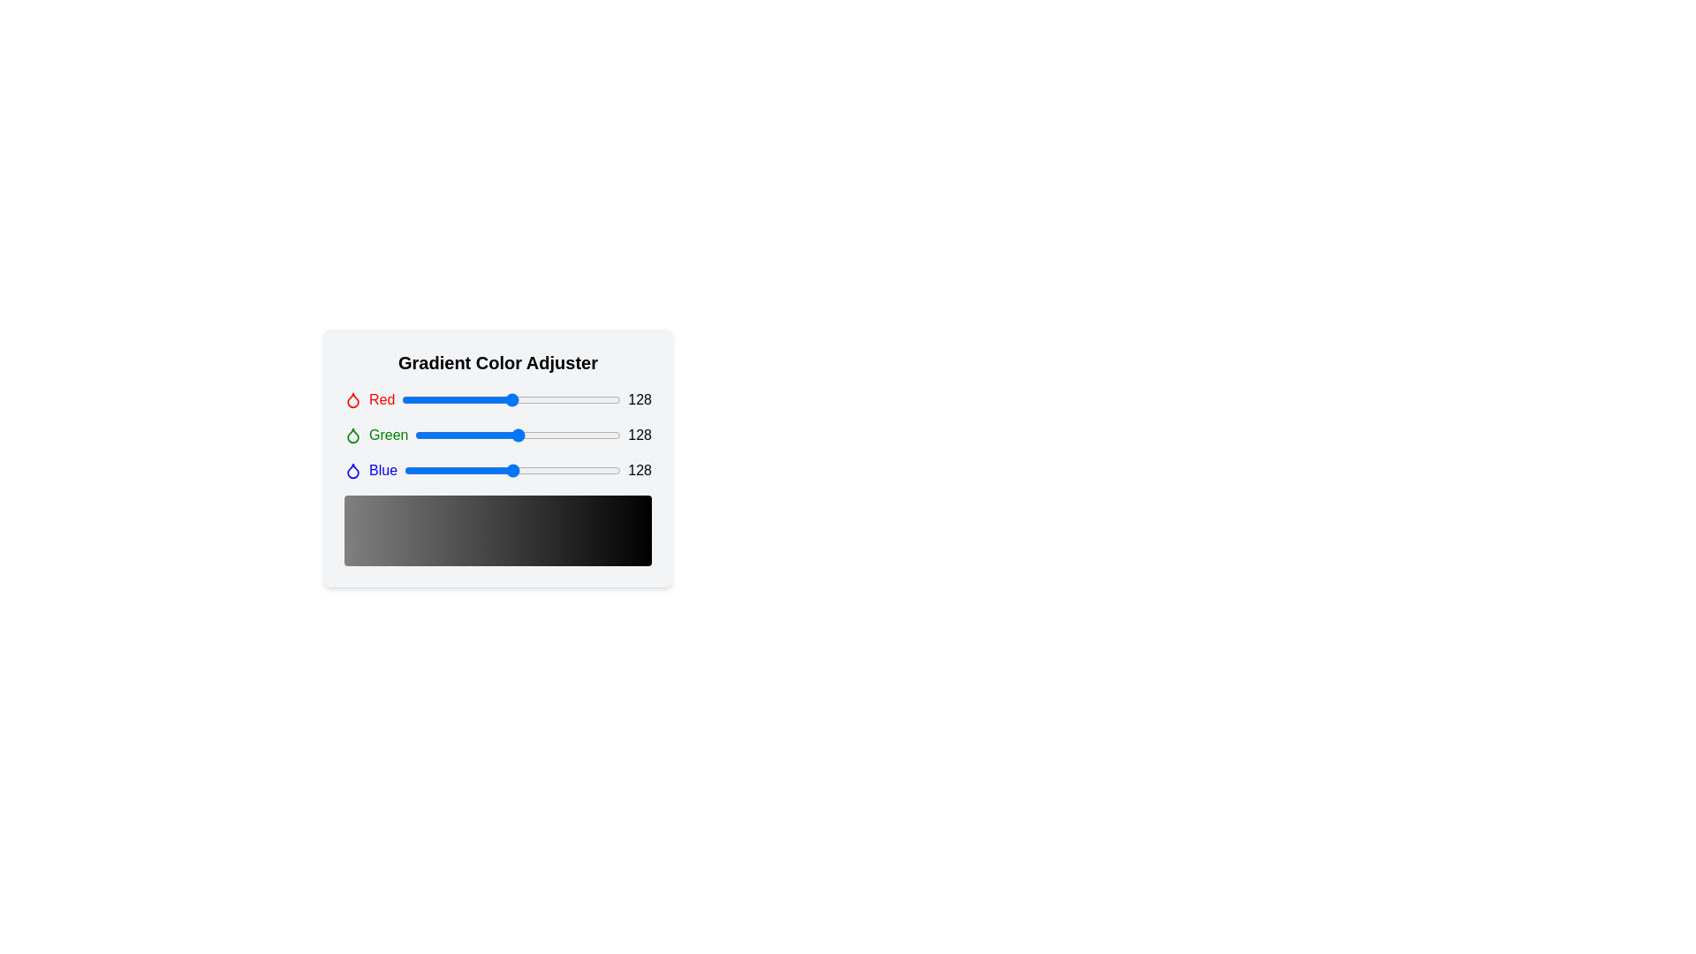 Image resolution: width=1696 pixels, height=954 pixels. What do you see at coordinates (511, 469) in the screenshot?
I see `the blue color slider to 126` at bounding box center [511, 469].